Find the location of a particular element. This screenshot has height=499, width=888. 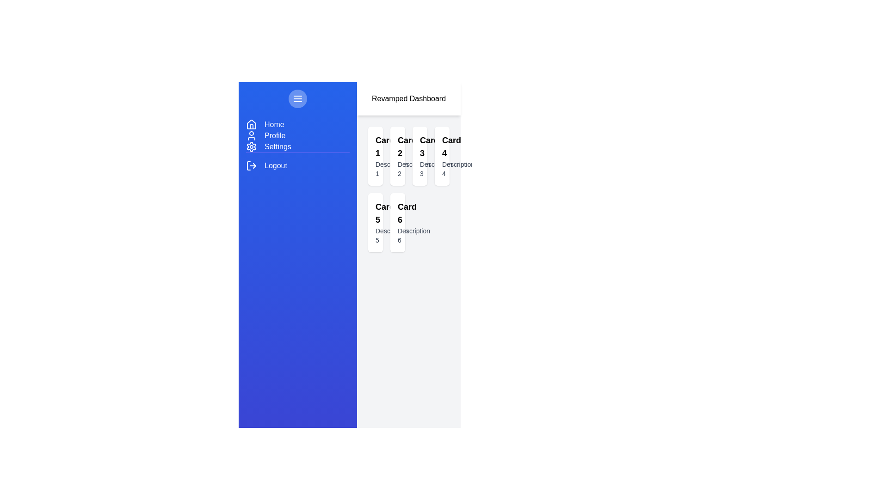

the 'Logout' text label located at the bottom of the vertical navigation bar is located at coordinates (275, 165).